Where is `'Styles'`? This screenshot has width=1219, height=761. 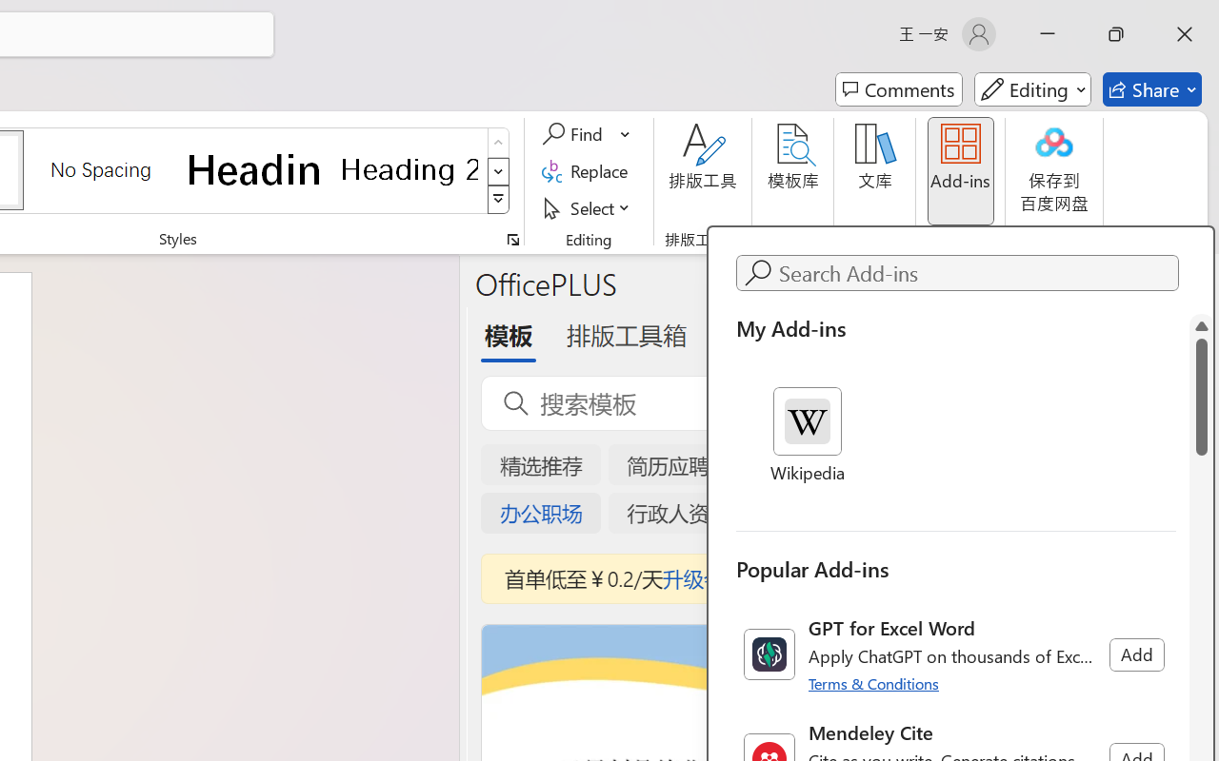 'Styles' is located at coordinates (498, 200).